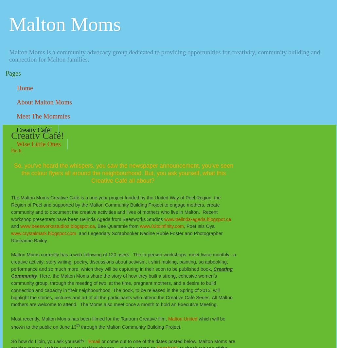 This screenshot has height=348, width=337. I want to click on 'So, you’ve heard the whispers, you saw the newspaper
announcement, you’ve seen the colour flyers all around the neighbourhood. But,
you ask yourself, what this Creative Café all about?', so click(14, 173).